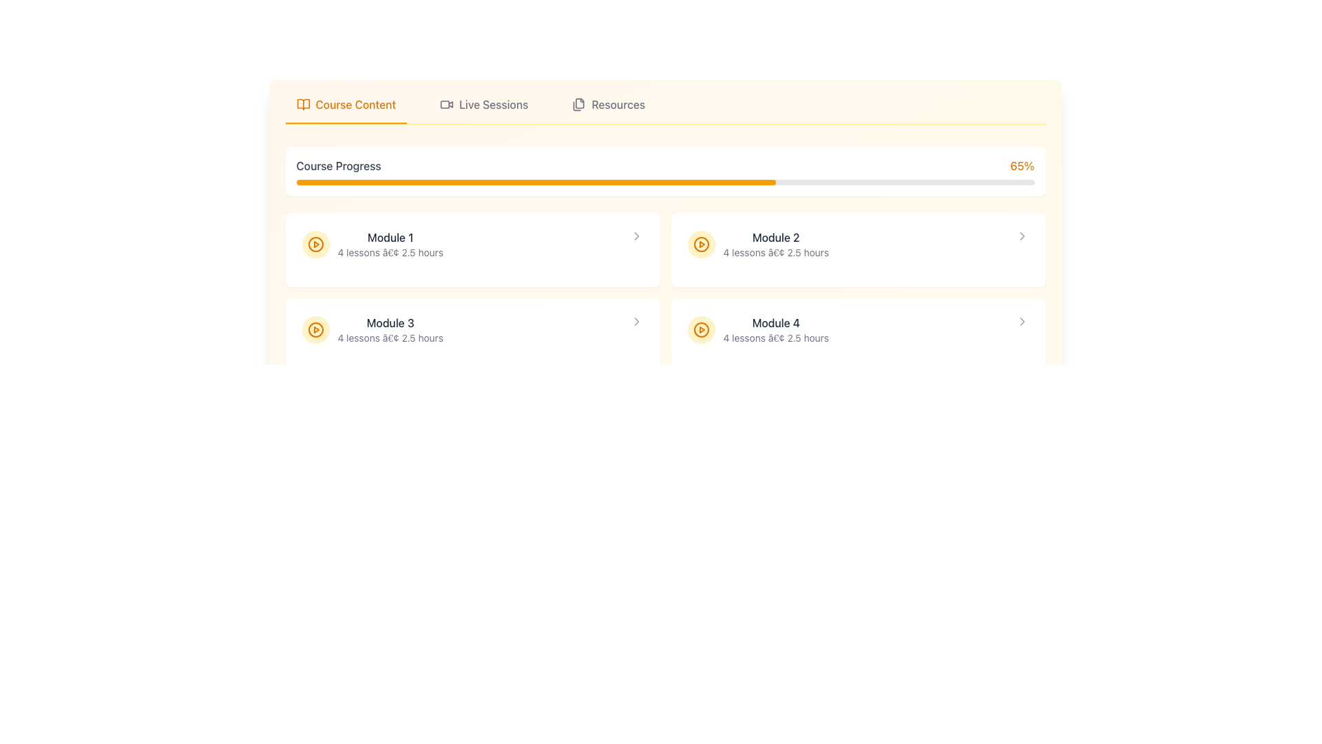 The height and width of the screenshot is (744, 1322). I want to click on the text display UI component that presents the title 'Module 1' and details '4 lessons • 2.5 hours', so click(390, 243).